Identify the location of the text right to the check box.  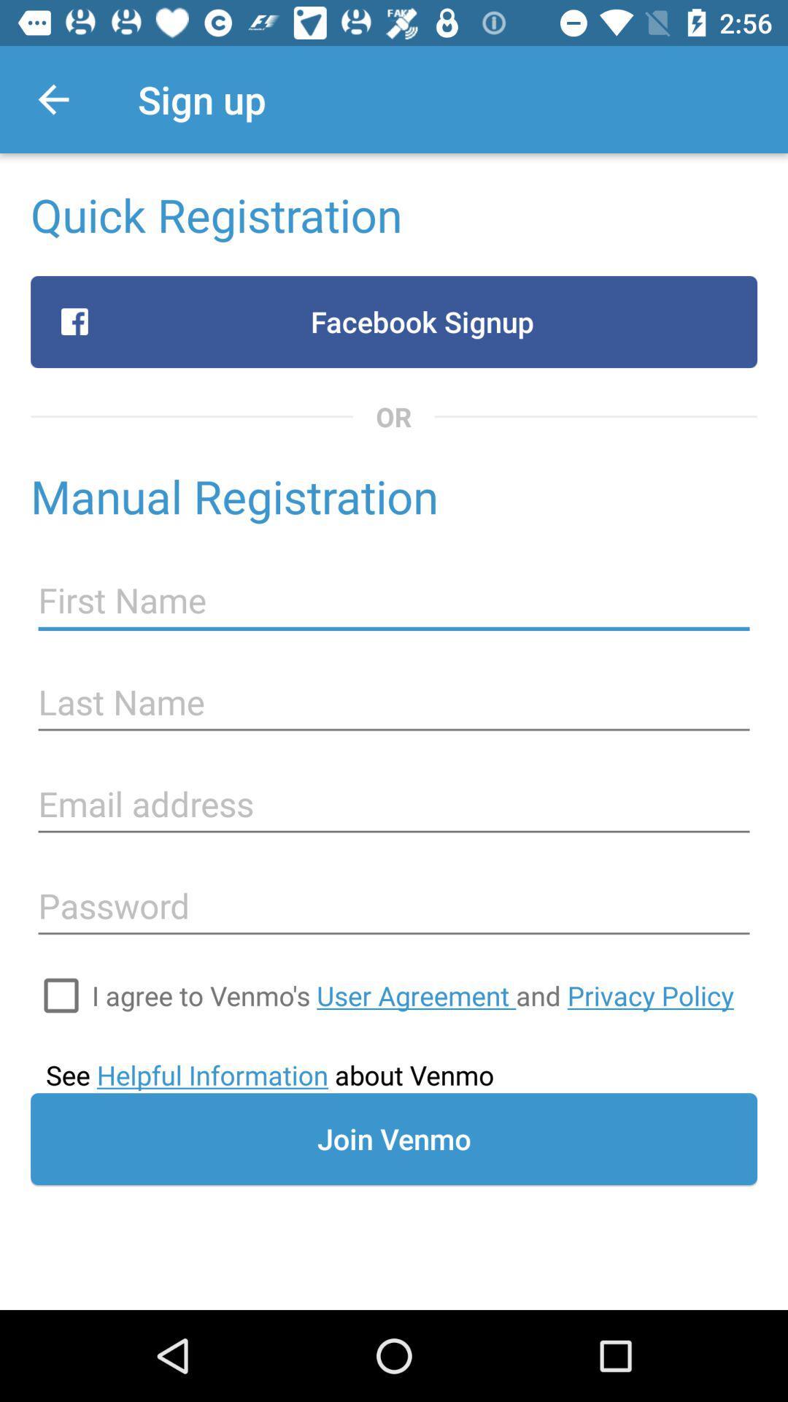
(413, 995).